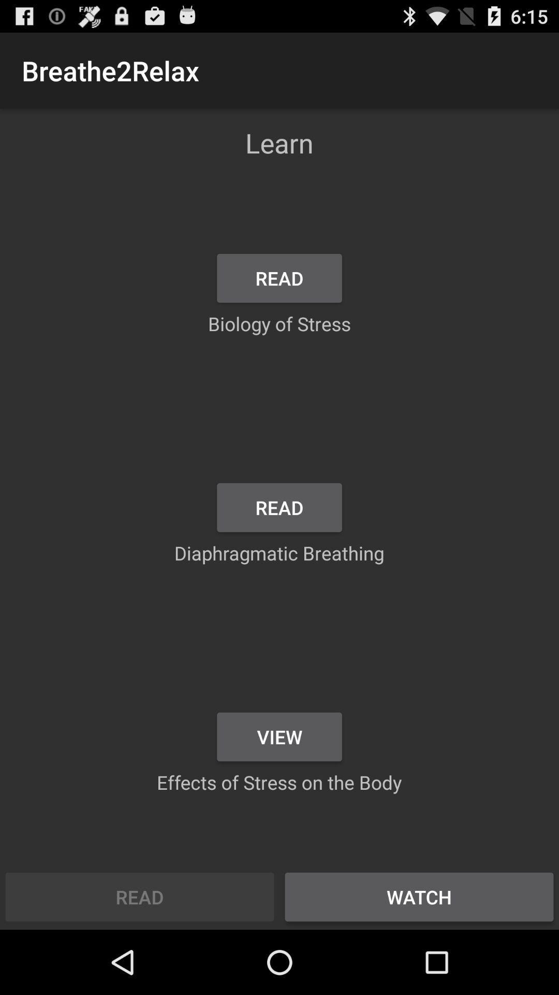  What do you see at coordinates (279, 736) in the screenshot?
I see `the view` at bounding box center [279, 736].